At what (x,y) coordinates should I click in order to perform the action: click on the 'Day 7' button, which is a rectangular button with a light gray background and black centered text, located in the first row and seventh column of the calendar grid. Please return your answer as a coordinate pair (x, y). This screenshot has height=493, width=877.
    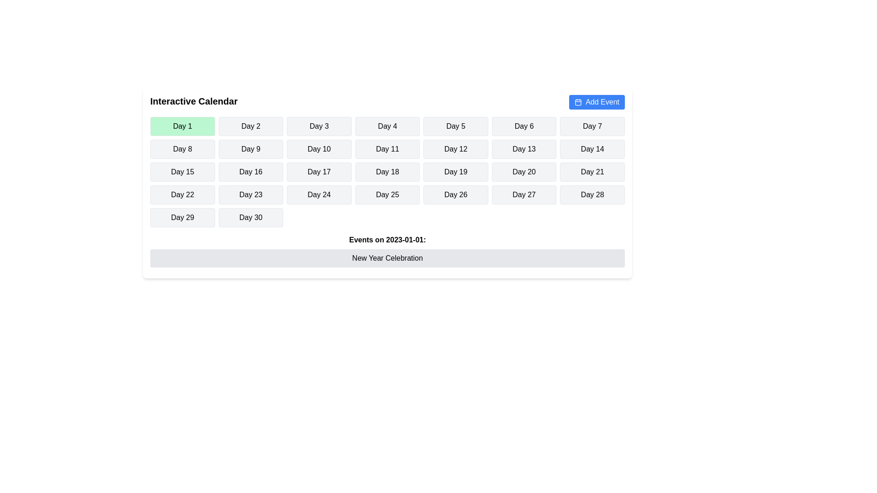
    Looking at the image, I should click on (592, 126).